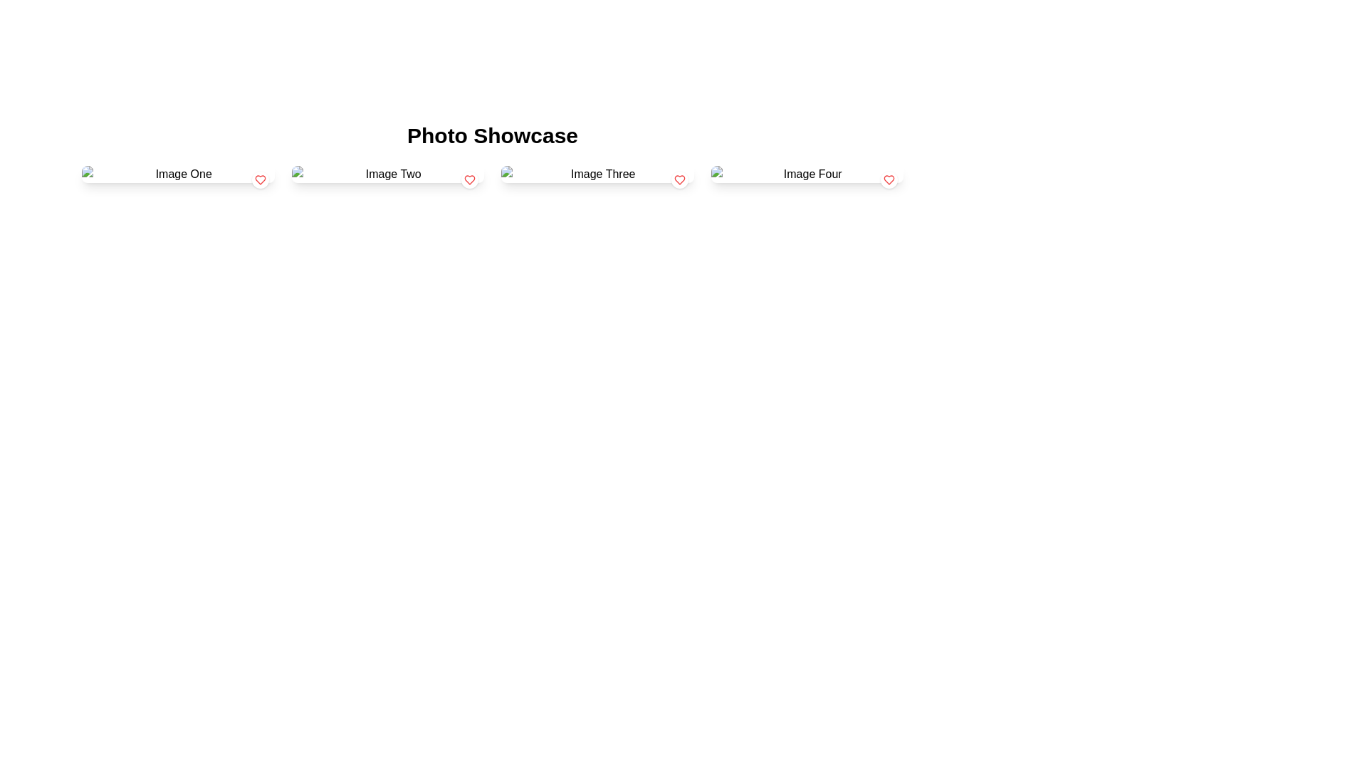  What do you see at coordinates (679, 179) in the screenshot?
I see `the favorite icon located below the 'Image Three' label in the third column of the grid layout` at bounding box center [679, 179].